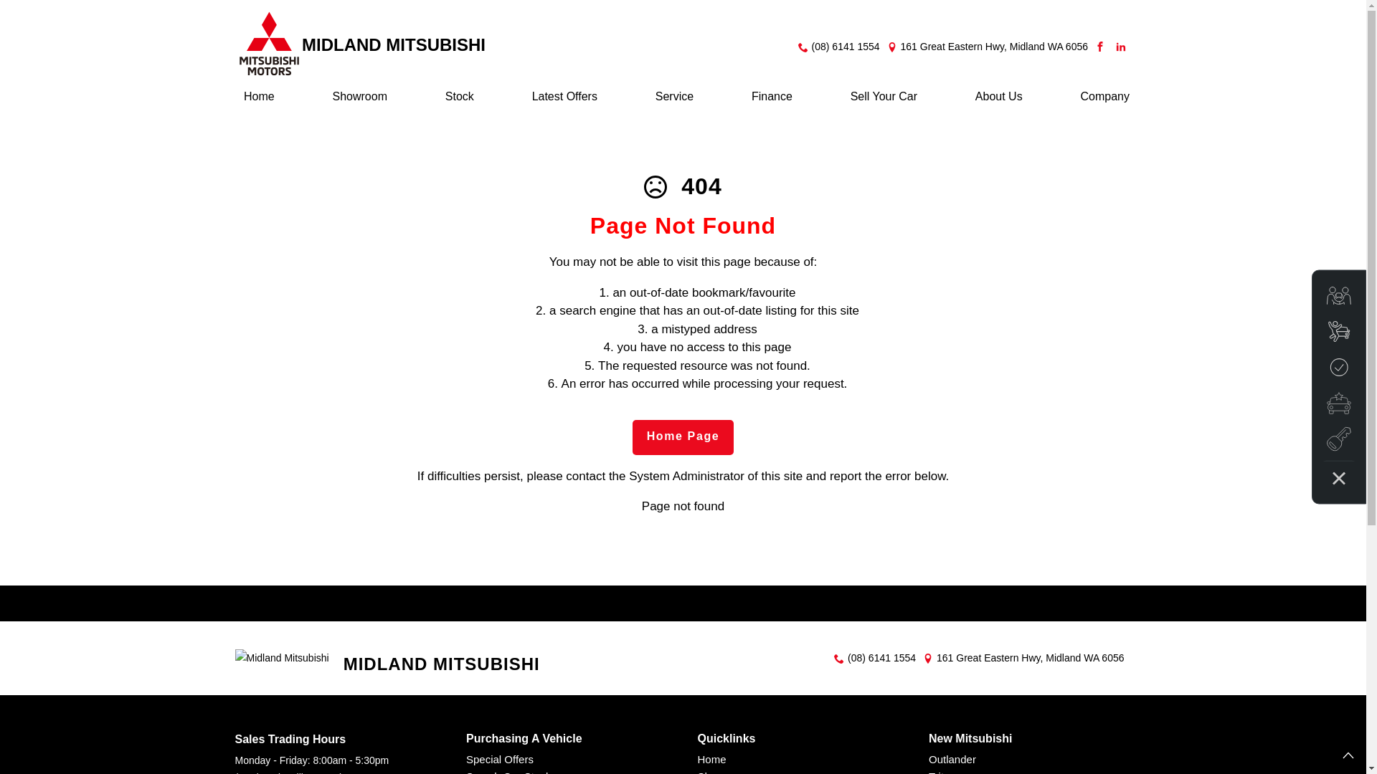 This screenshot has width=1377, height=774. Describe the element at coordinates (360, 101) in the screenshot. I see `'Showroom'` at that location.